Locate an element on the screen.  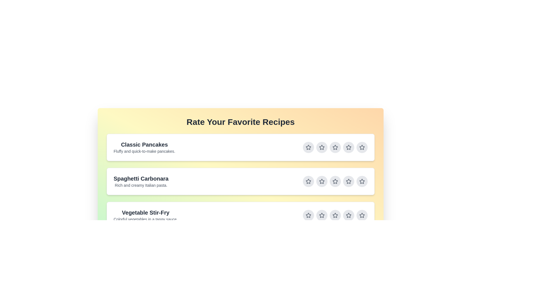
the star button for rating 1 of the recipe Spaghetti Carbonara is located at coordinates (308, 181).